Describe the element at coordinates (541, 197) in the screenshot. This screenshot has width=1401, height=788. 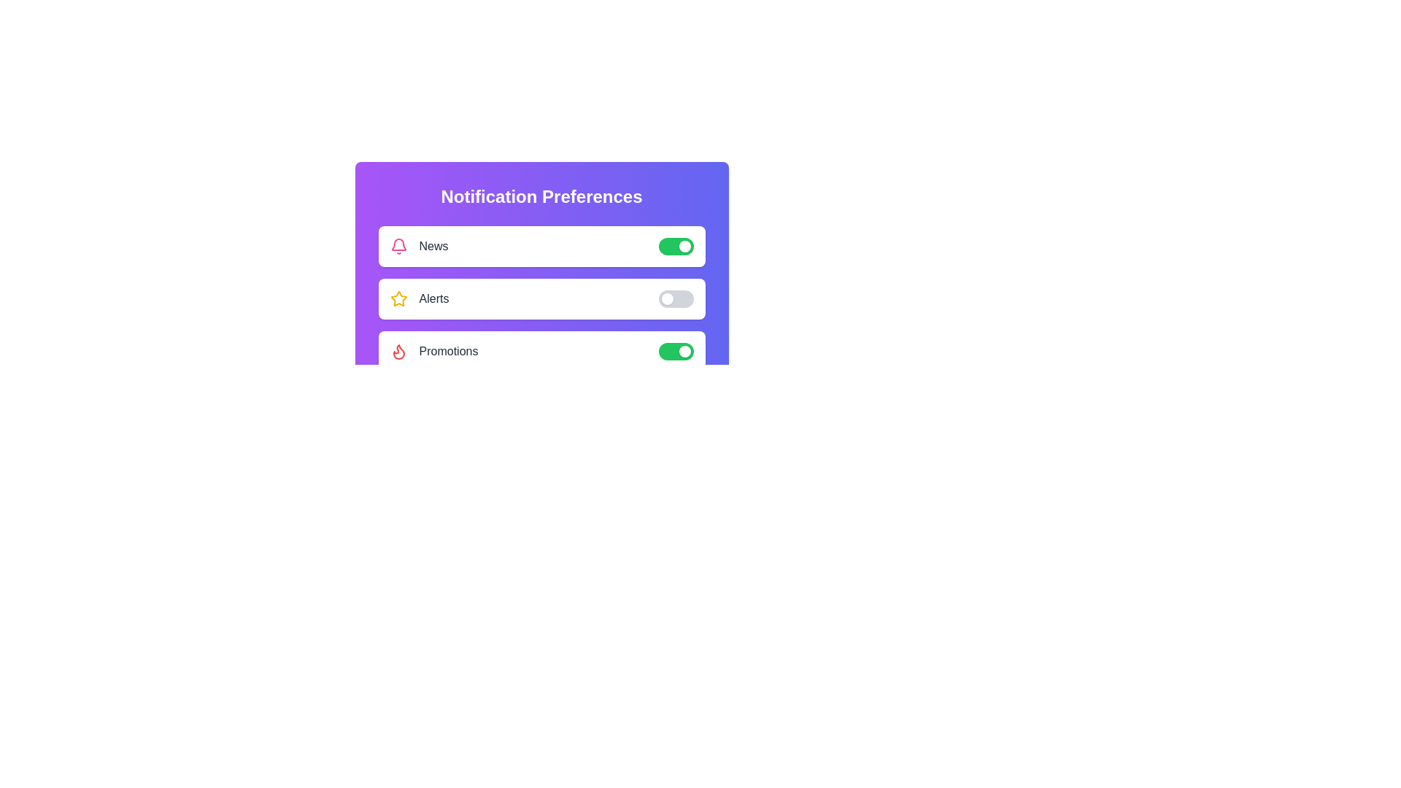
I see `the text Notification Preferences in the component` at that location.